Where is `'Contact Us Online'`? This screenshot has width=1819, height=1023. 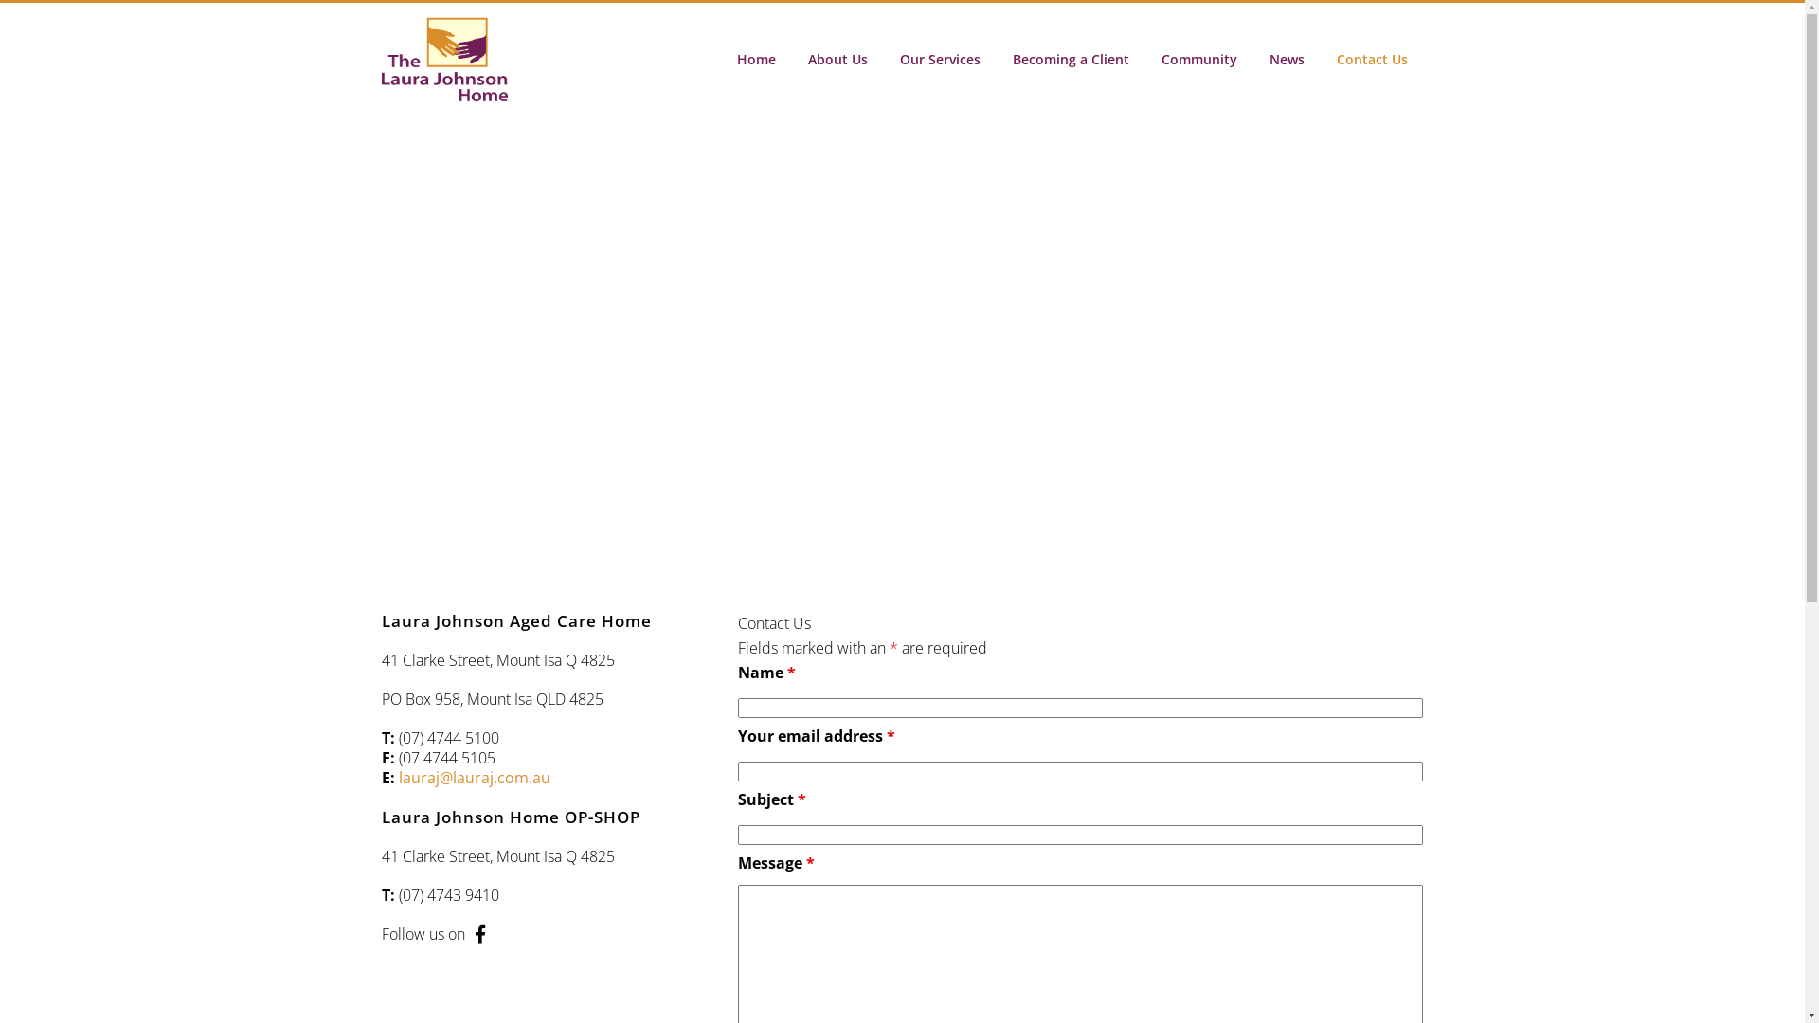
'Contact Us Online' is located at coordinates (1181, 756).